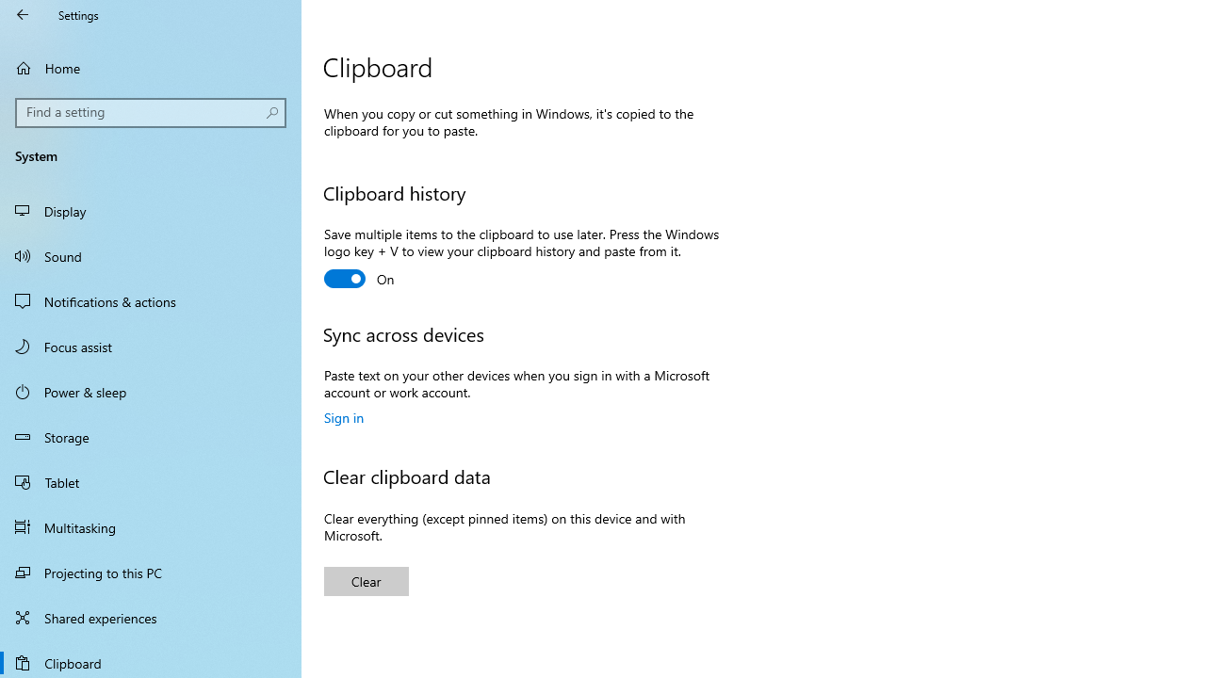 The height and width of the screenshot is (678, 1206). Describe the element at coordinates (344, 416) in the screenshot. I see `'Sign in'` at that location.